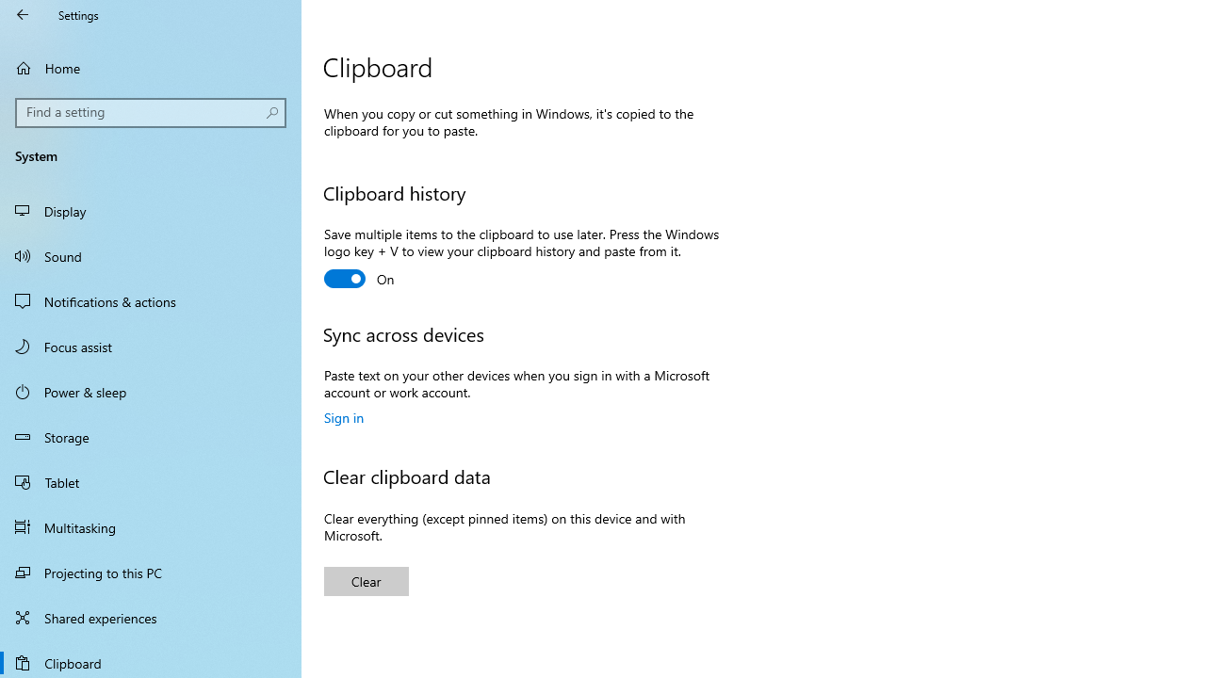 The height and width of the screenshot is (678, 1206). Describe the element at coordinates (344, 416) in the screenshot. I see `'Sign in'` at that location.